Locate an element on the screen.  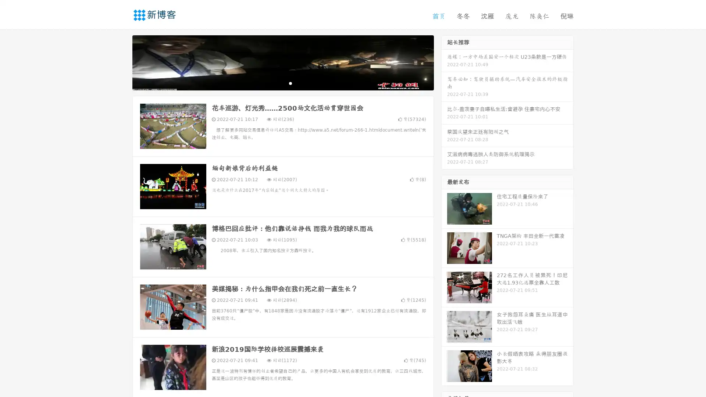
Previous slide is located at coordinates (121, 62).